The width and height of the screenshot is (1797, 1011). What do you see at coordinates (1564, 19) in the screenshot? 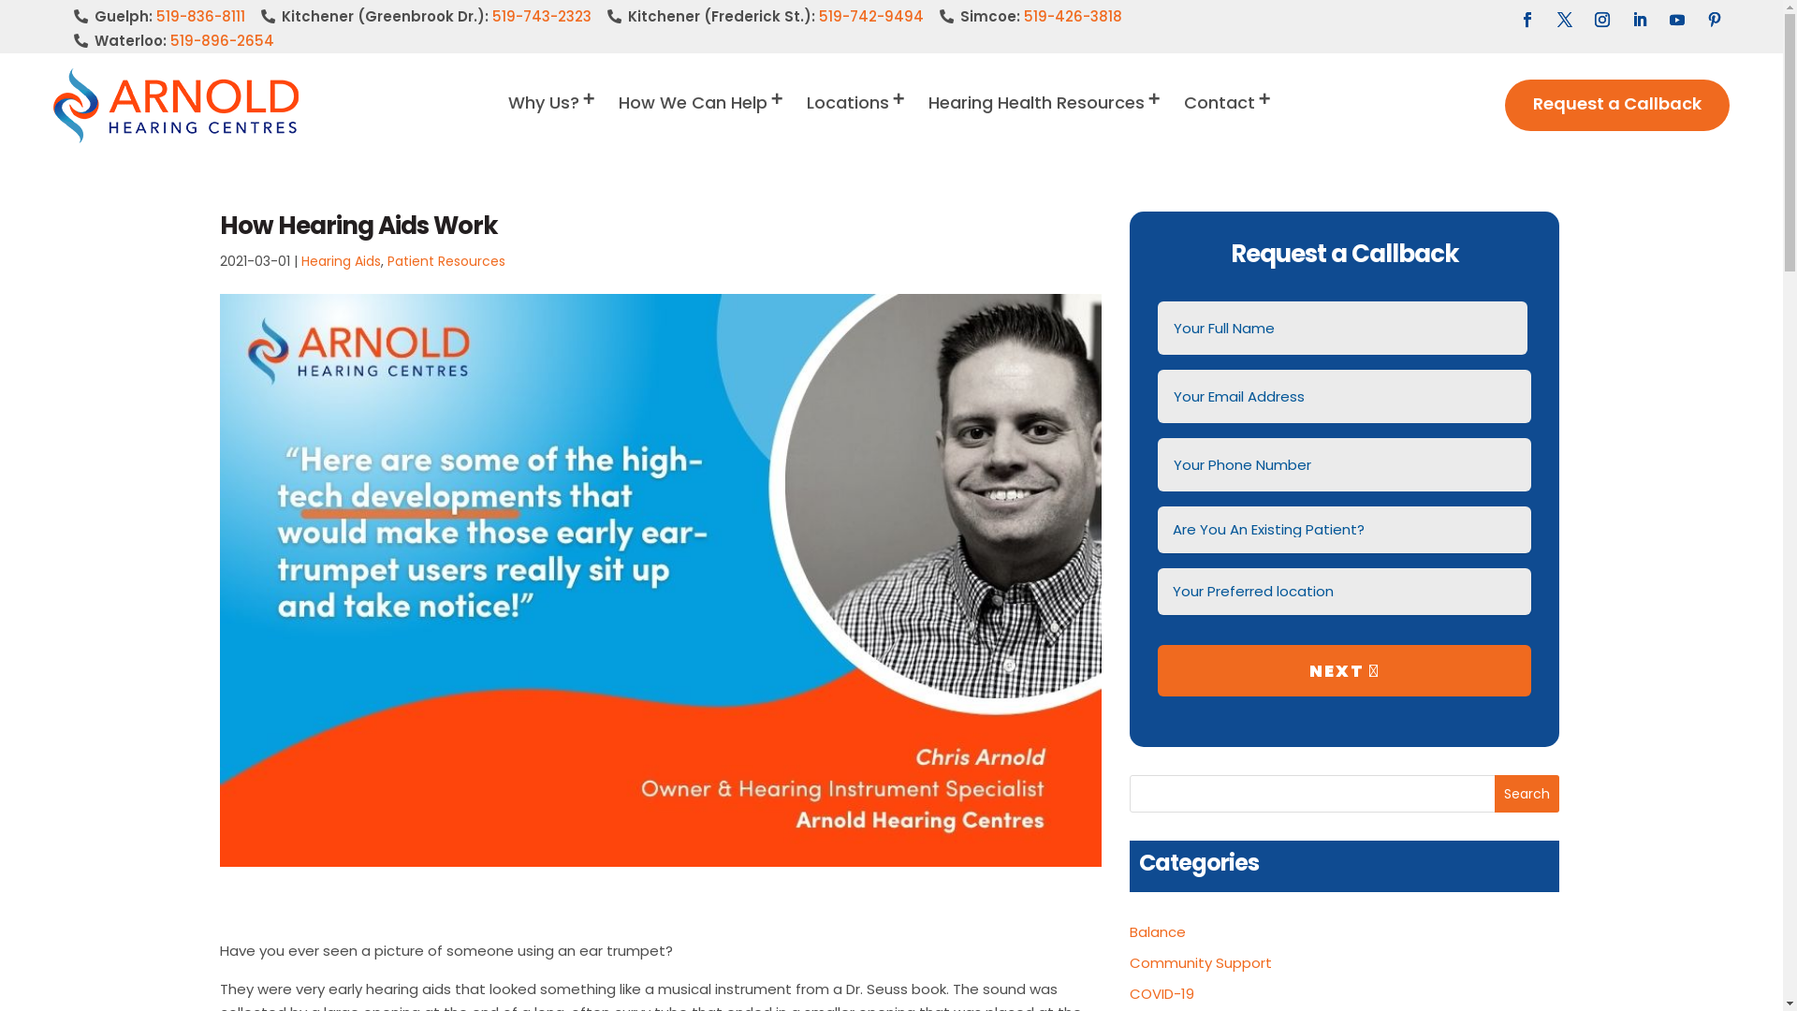
I see `'Follow on X'` at bounding box center [1564, 19].